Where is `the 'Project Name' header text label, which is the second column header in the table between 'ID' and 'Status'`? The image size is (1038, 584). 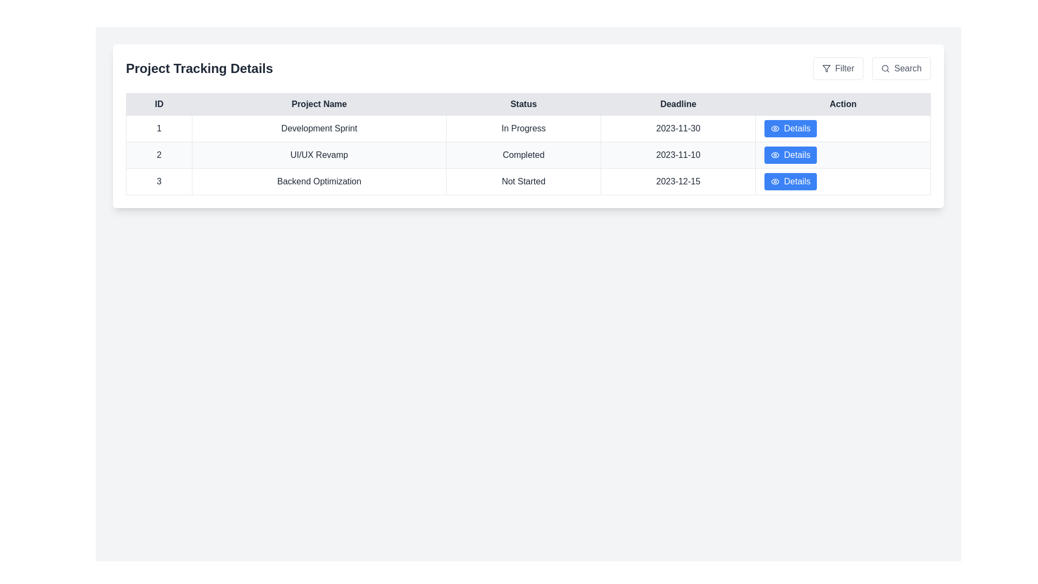
the 'Project Name' header text label, which is the second column header in the table between 'ID' and 'Status' is located at coordinates (318, 104).